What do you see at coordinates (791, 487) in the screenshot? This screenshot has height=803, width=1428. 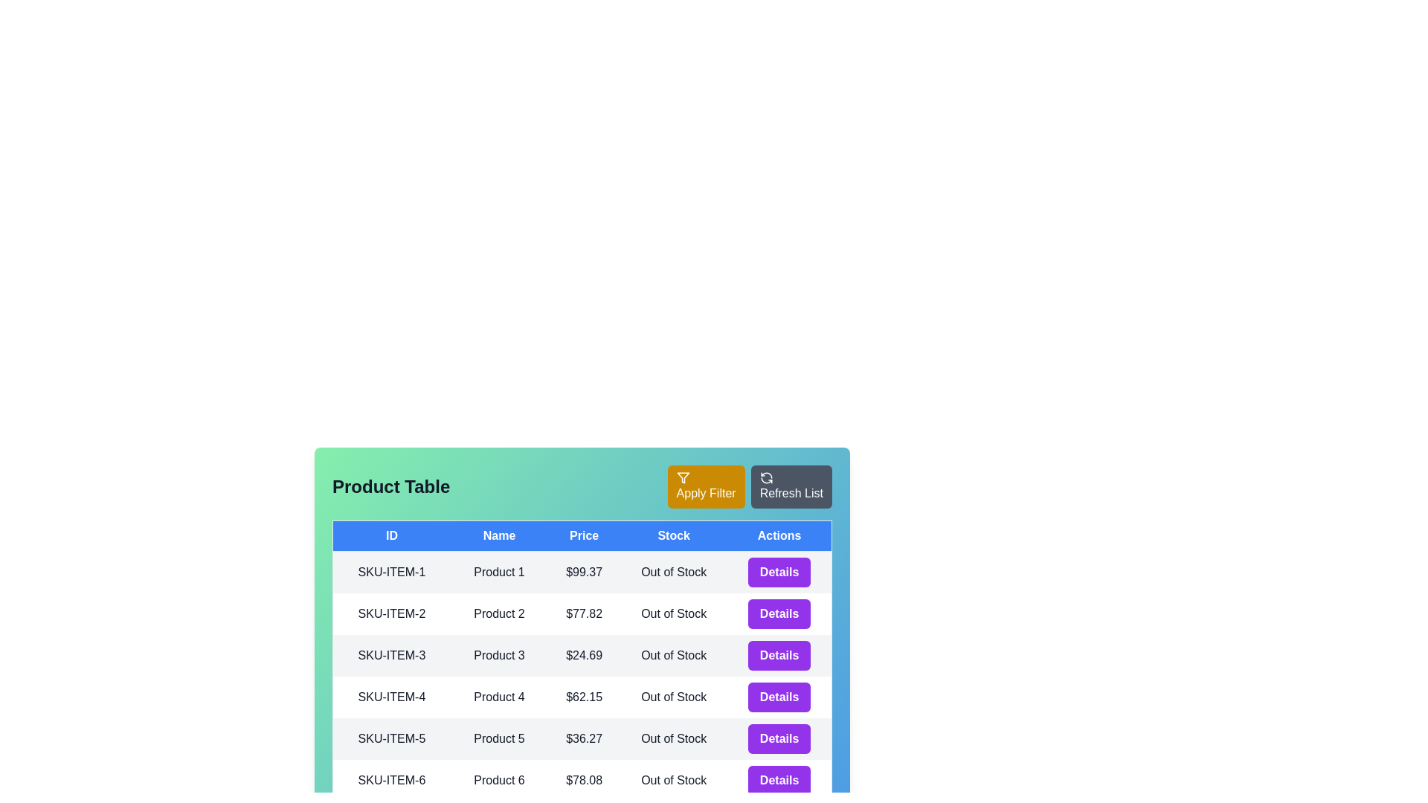 I see `the 'Refresh List' button to reload the product list` at bounding box center [791, 487].